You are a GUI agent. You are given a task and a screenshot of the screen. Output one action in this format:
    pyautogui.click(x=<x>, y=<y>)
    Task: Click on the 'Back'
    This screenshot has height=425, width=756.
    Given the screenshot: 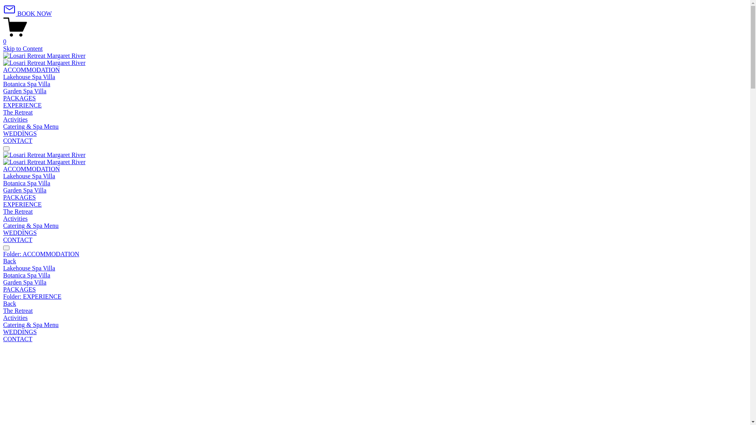 What is the action you would take?
    pyautogui.click(x=9, y=261)
    